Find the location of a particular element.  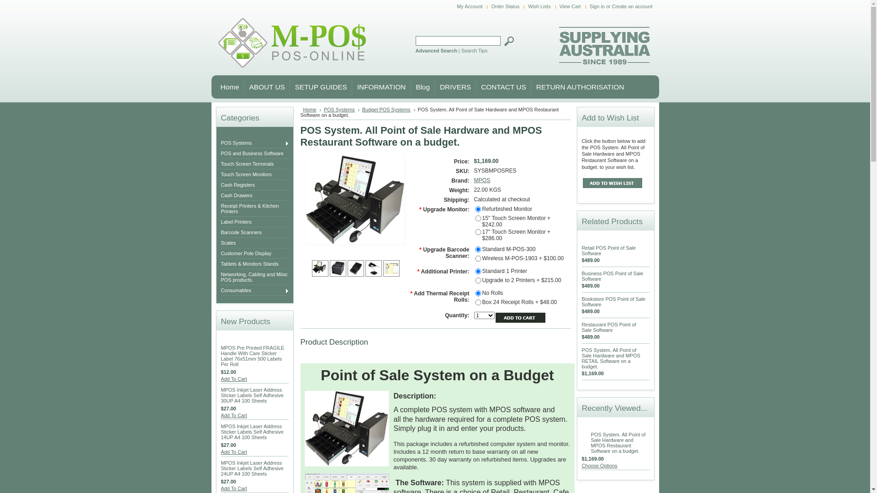

'Choose Options' is located at coordinates (600, 465).